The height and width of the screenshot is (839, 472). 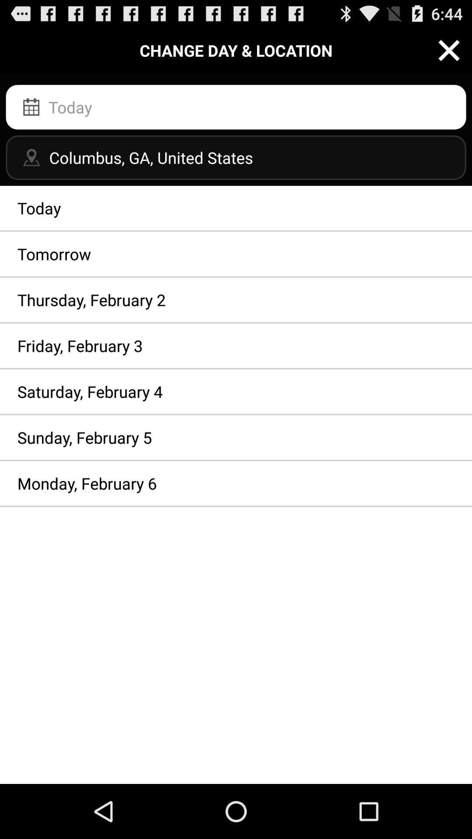 What do you see at coordinates (449, 50) in the screenshot?
I see `item to the right of the change day & location` at bounding box center [449, 50].